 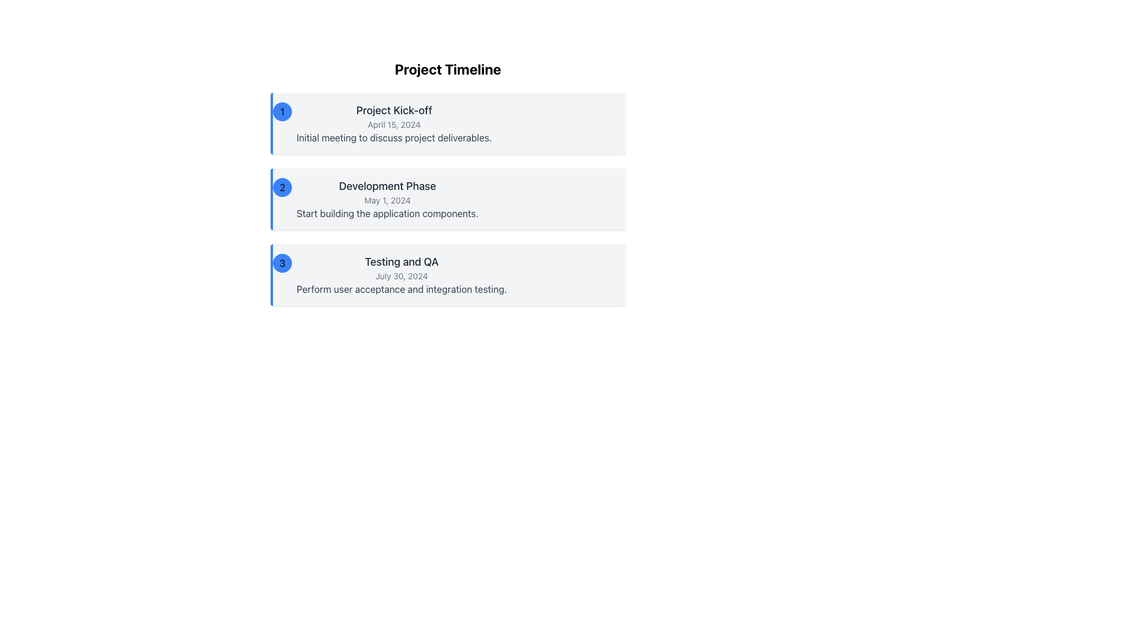 I want to click on text from the prominent header labeled 'Project Timeline' located at the top of the vertical list layout, so click(x=447, y=69).